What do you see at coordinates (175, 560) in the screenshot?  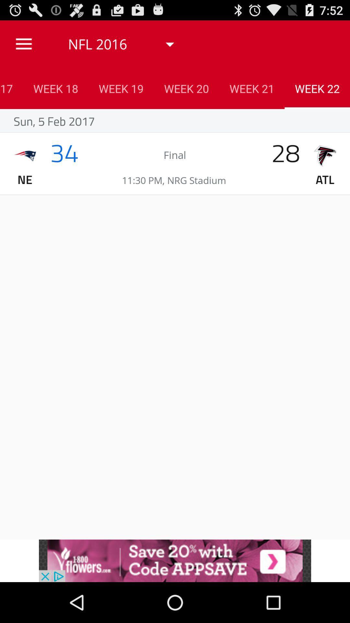 I see `advertisement` at bounding box center [175, 560].